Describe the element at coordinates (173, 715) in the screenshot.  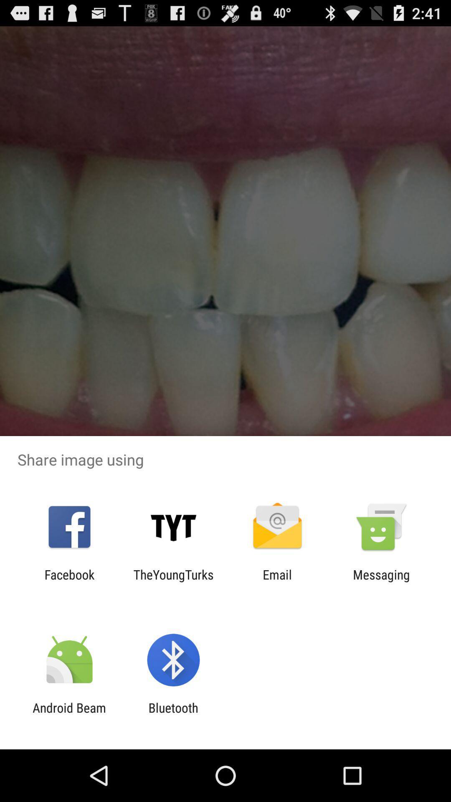
I see `the app next to android beam item` at that location.